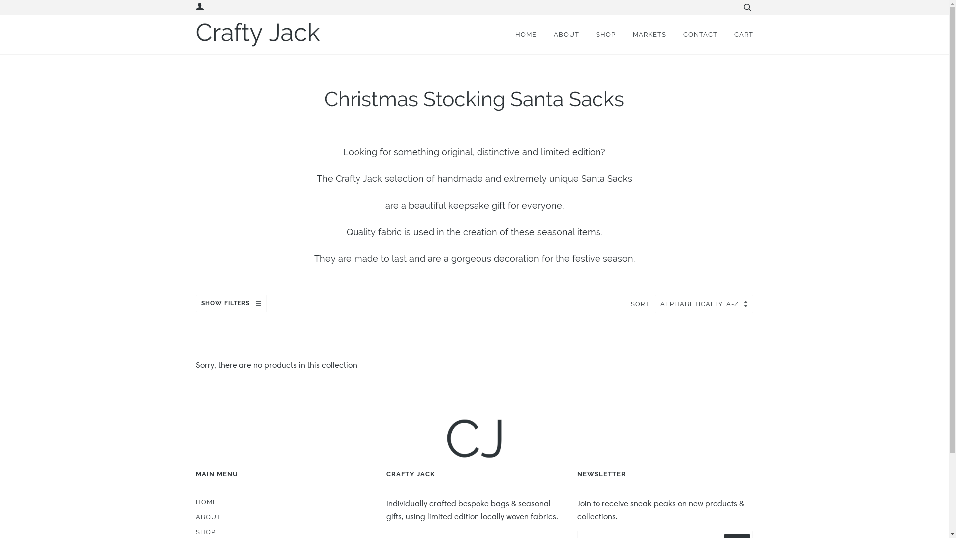 This screenshot has width=956, height=538. Describe the element at coordinates (692, 34) in the screenshot. I see `'CONTACT'` at that location.